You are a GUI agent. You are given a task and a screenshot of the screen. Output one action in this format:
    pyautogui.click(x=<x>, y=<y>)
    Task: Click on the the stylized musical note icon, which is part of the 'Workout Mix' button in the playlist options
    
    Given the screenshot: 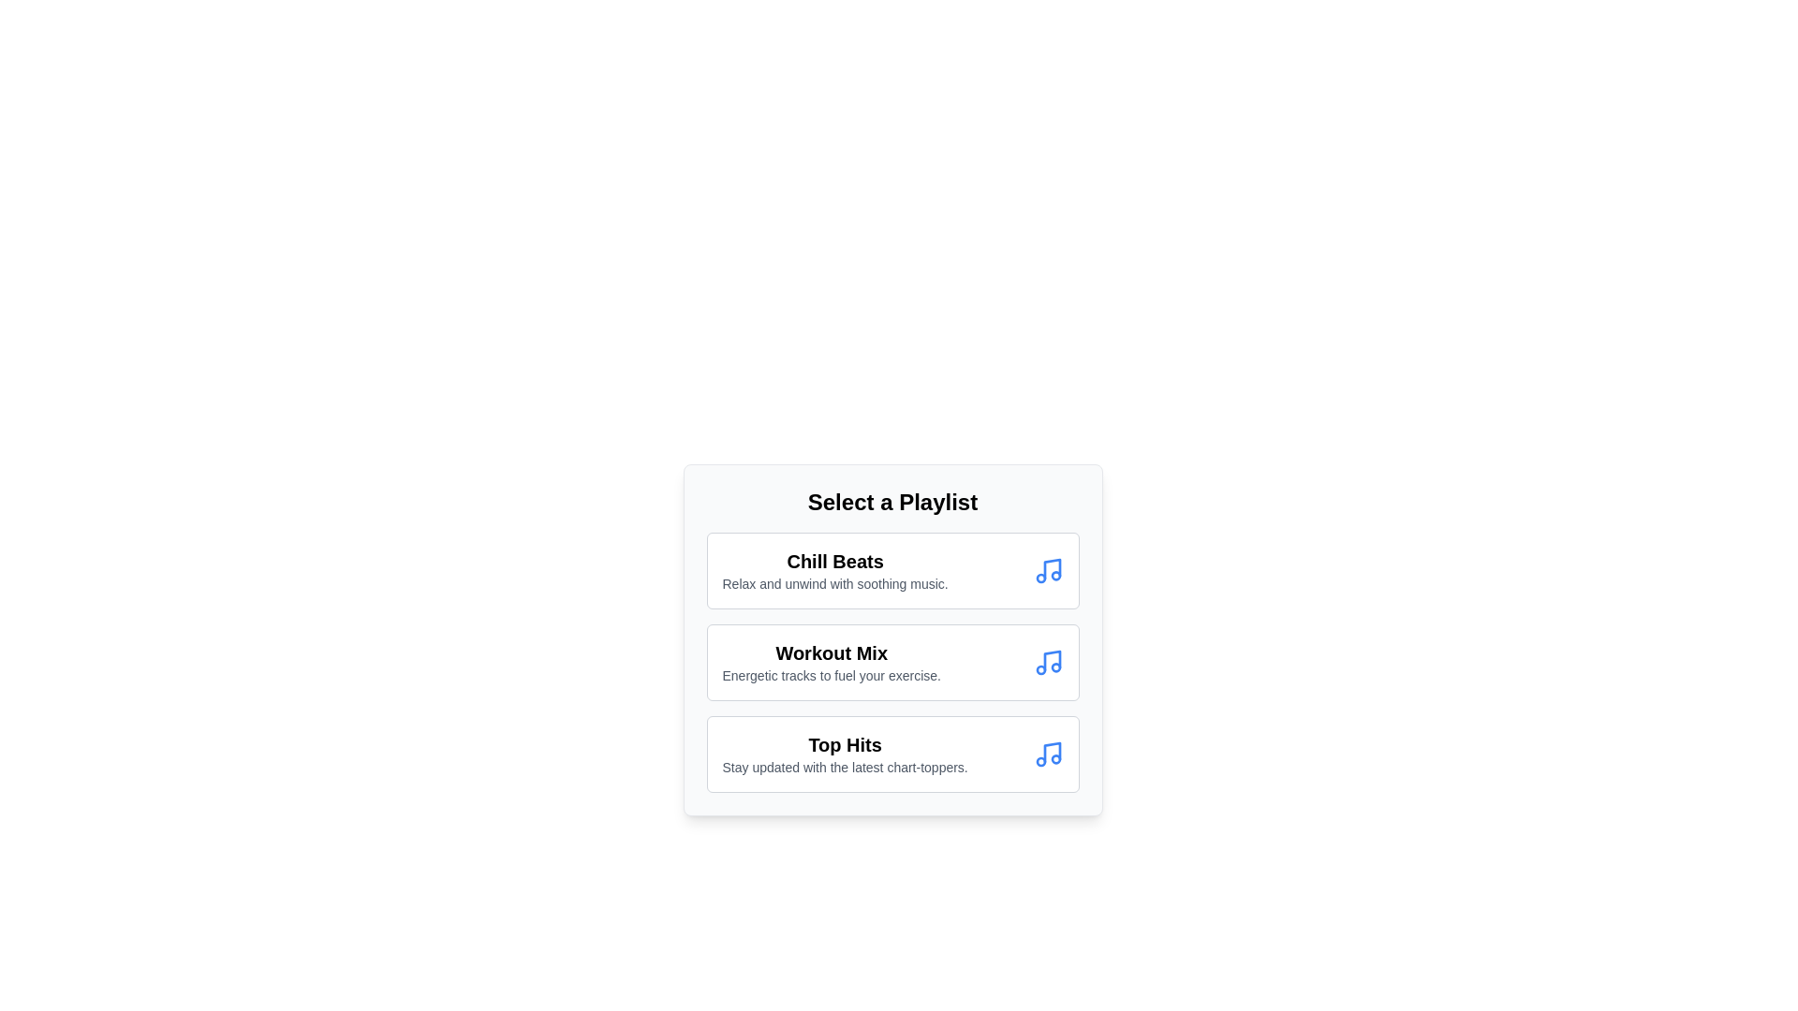 What is the action you would take?
    pyautogui.click(x=1052, y=659)
    